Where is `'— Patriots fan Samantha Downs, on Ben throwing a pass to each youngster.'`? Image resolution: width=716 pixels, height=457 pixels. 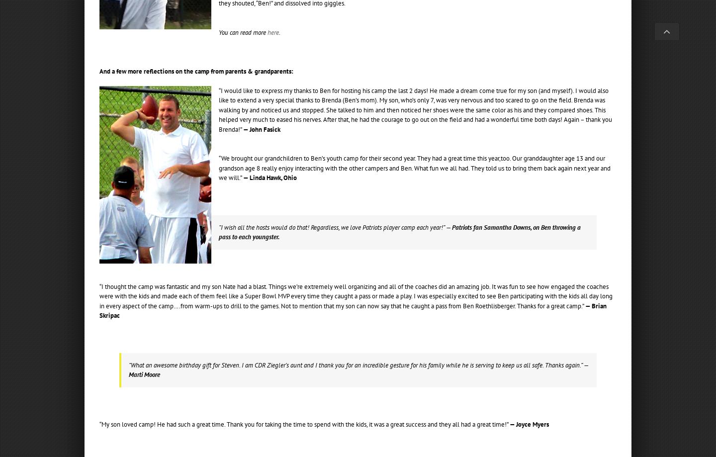 '— Patriots fan Samantha Downs, on Ben throwing a pass to each youngster.' is located at coordinates (399, 231).